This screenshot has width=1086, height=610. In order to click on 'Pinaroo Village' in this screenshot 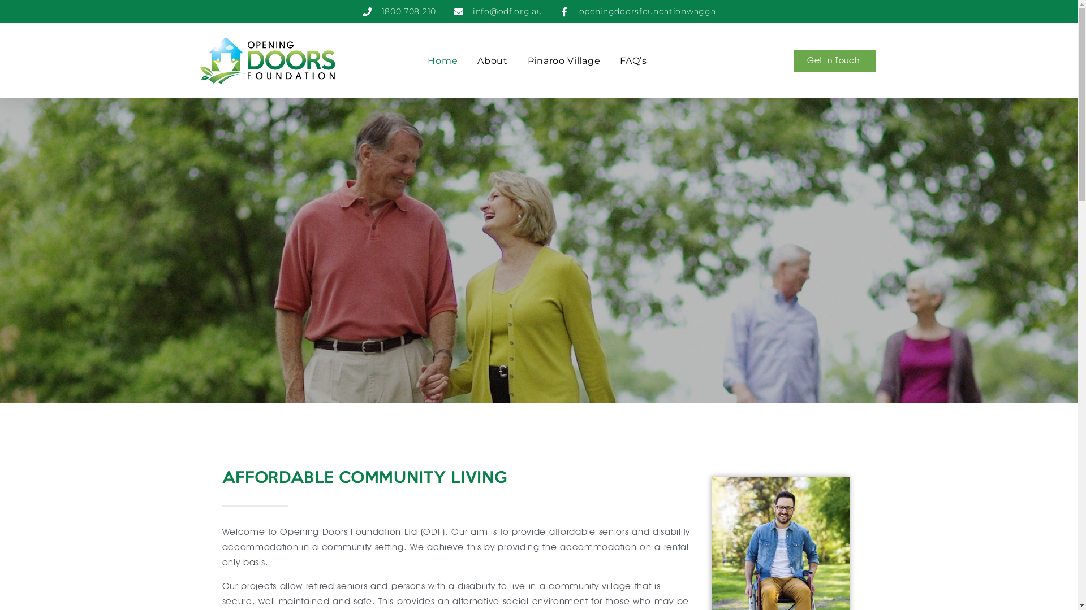, I will do `click(527, 61)`.